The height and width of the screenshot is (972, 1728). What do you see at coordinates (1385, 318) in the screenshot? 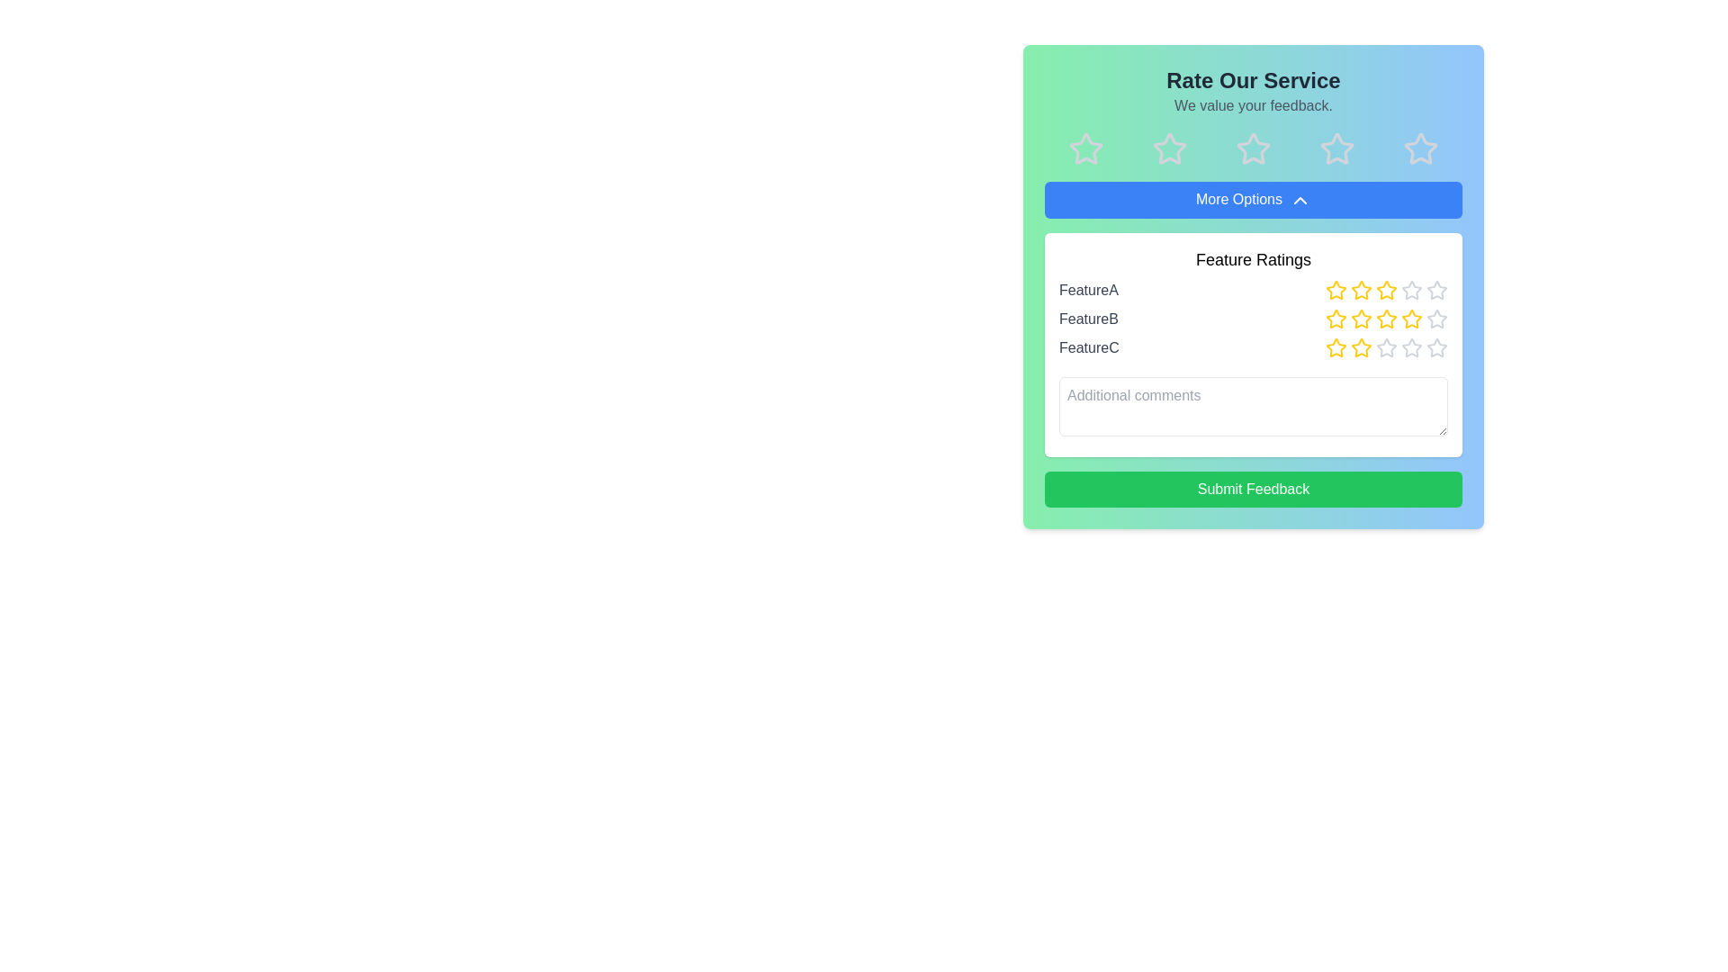
I see `the third yellow hollow star icon in the feature rating section` at bounding box center [1385, 318].